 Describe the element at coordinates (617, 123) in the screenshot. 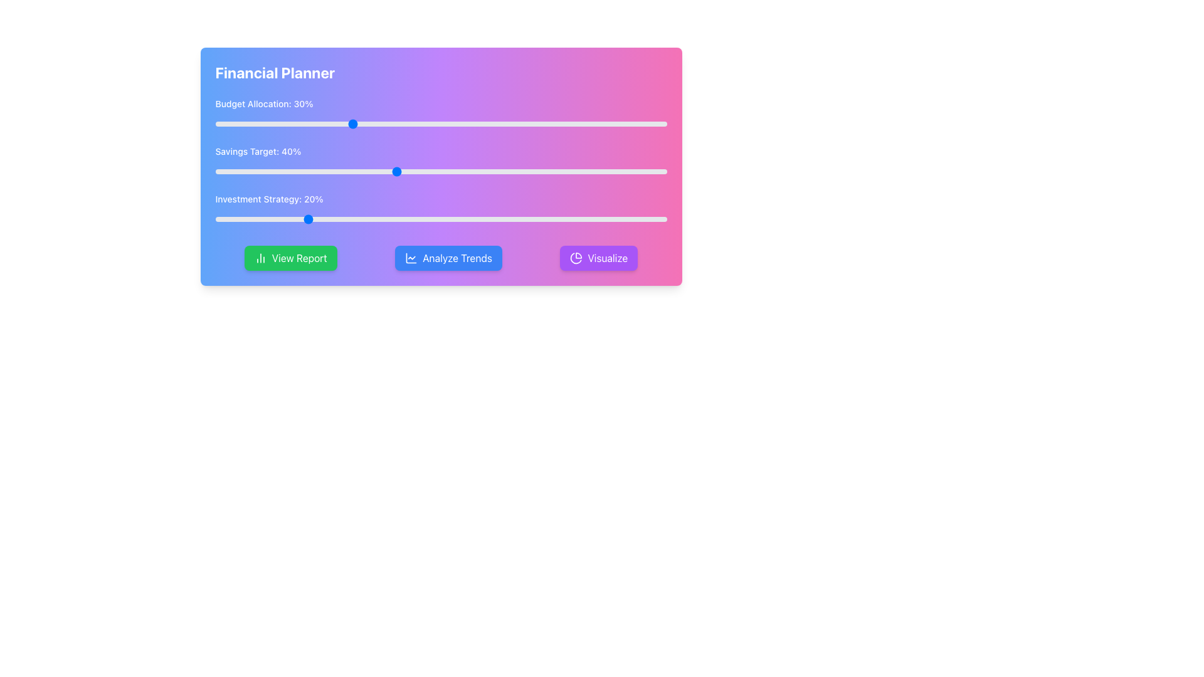

I see `the budget allocation slider` at that location.